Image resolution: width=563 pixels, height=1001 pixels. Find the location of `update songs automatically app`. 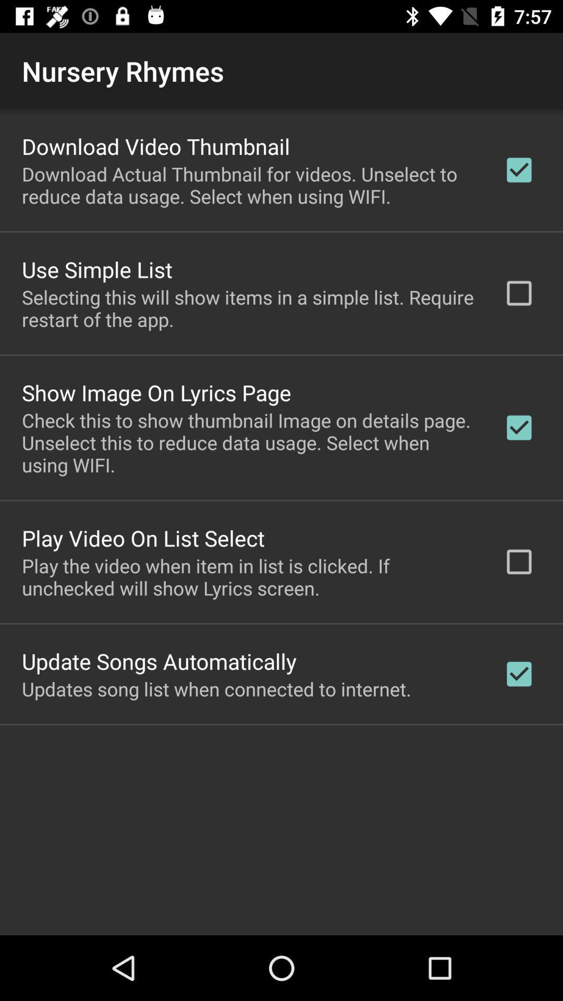

update songs automatically app is located at coordinates (159, 661).